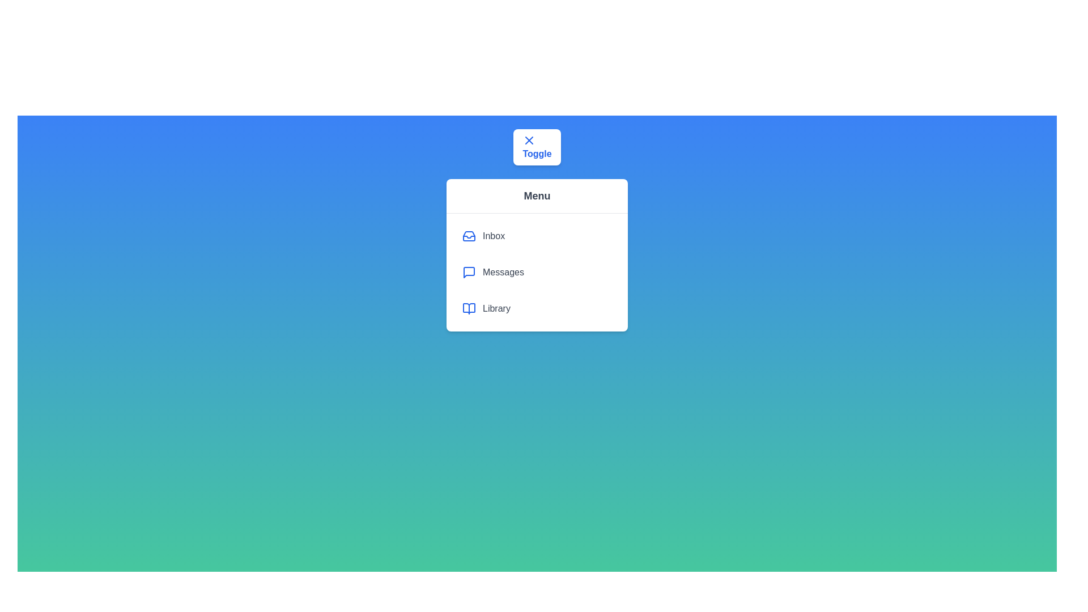 This screenshot has height=612, width=1088. What do you see at coordinates (537, 235) in the screenshot?
I see `the menu item Inbox to highlight it` at bounding box center [537, 235].